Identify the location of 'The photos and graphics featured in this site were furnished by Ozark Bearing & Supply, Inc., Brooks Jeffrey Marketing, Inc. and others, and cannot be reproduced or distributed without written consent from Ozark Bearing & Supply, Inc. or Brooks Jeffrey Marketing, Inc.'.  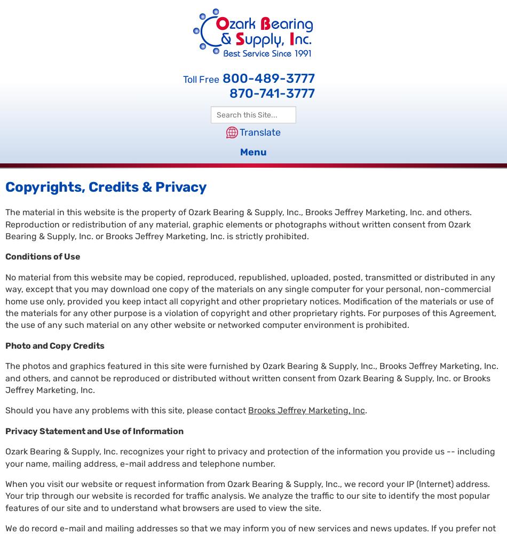
(251, 377).